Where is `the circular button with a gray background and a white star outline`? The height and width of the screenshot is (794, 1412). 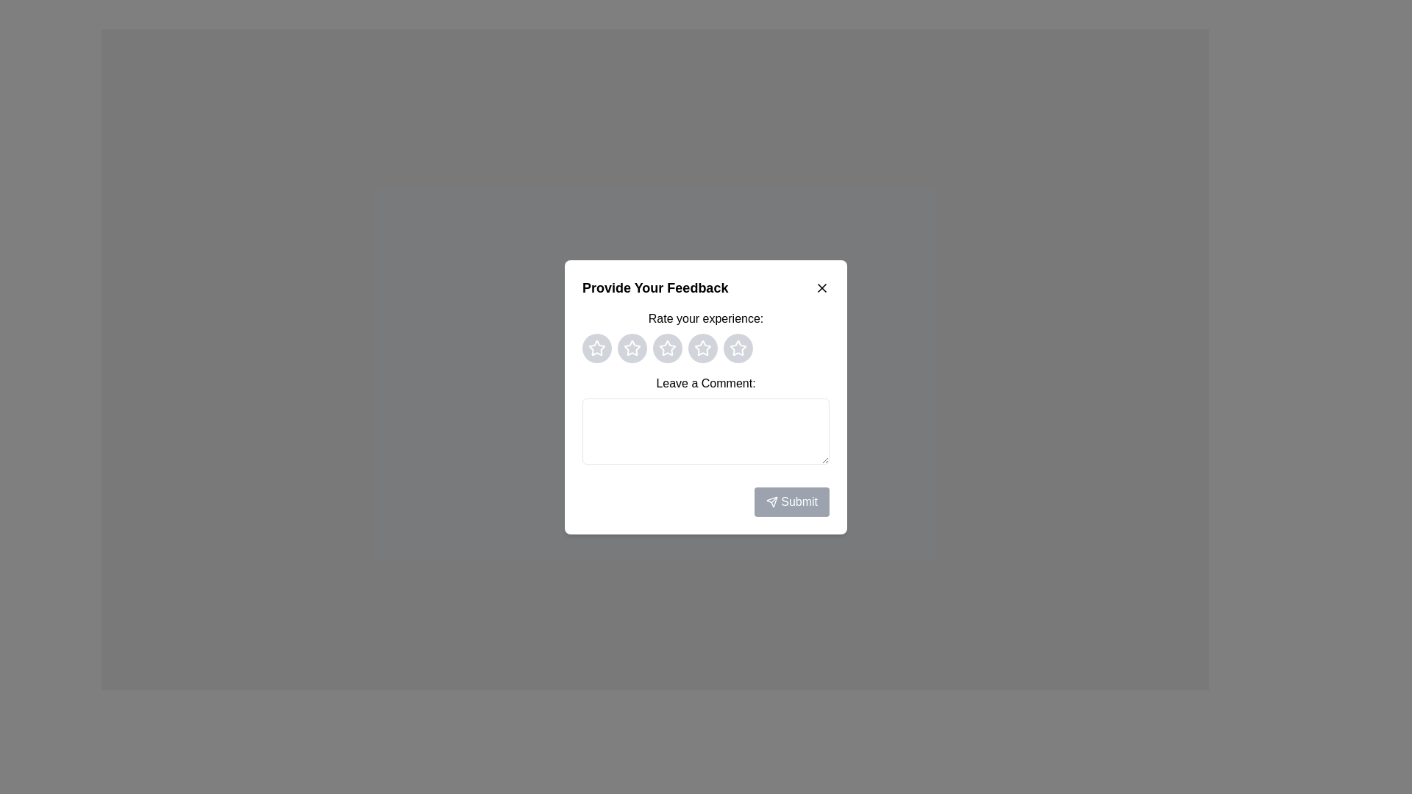
the circular button with a gray background and a white star outline is located at coordinates (666, 348).